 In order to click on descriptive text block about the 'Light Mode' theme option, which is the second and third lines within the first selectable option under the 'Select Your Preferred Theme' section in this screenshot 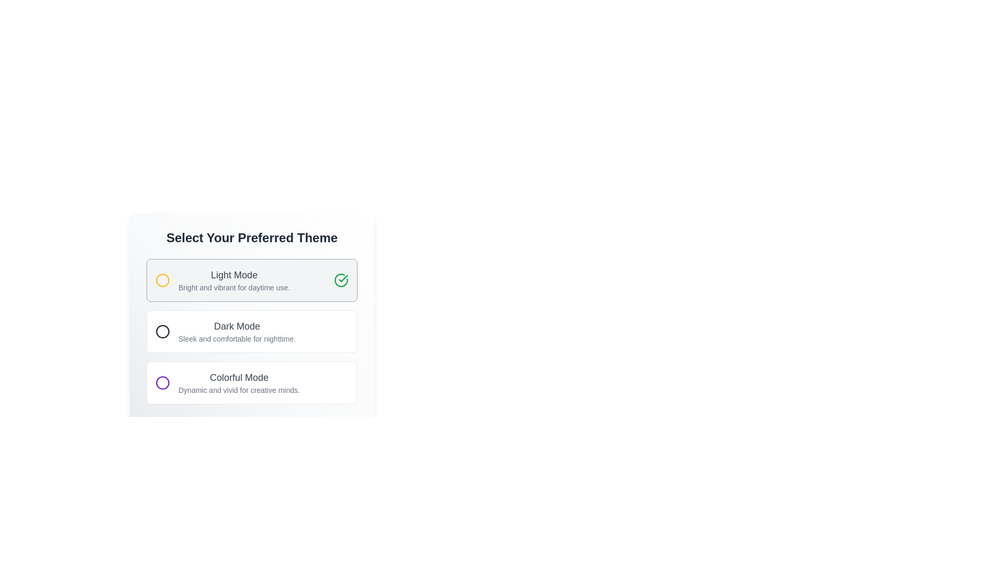, I will do `click(233, 280)`.